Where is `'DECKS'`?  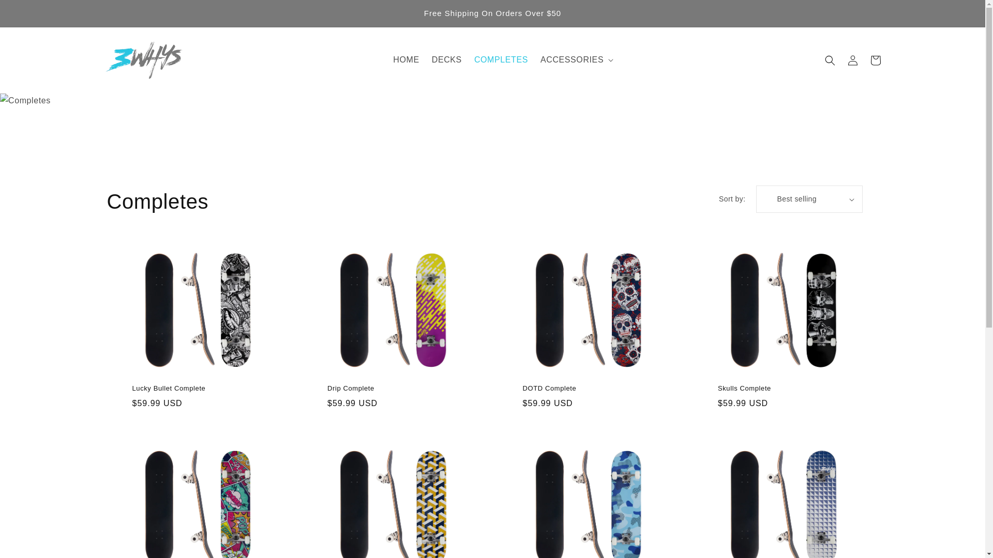 'DECKS' is located at coordinates (447, 60).